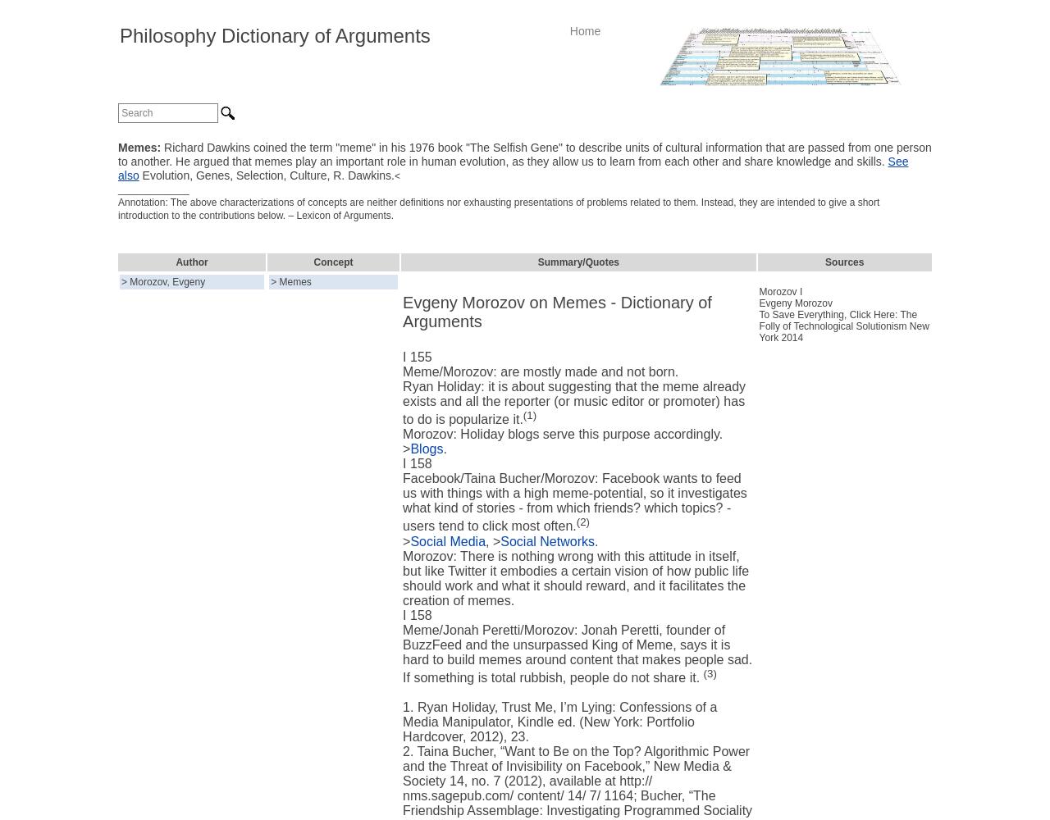  I want to click on '> Memes', so click(290, 281).